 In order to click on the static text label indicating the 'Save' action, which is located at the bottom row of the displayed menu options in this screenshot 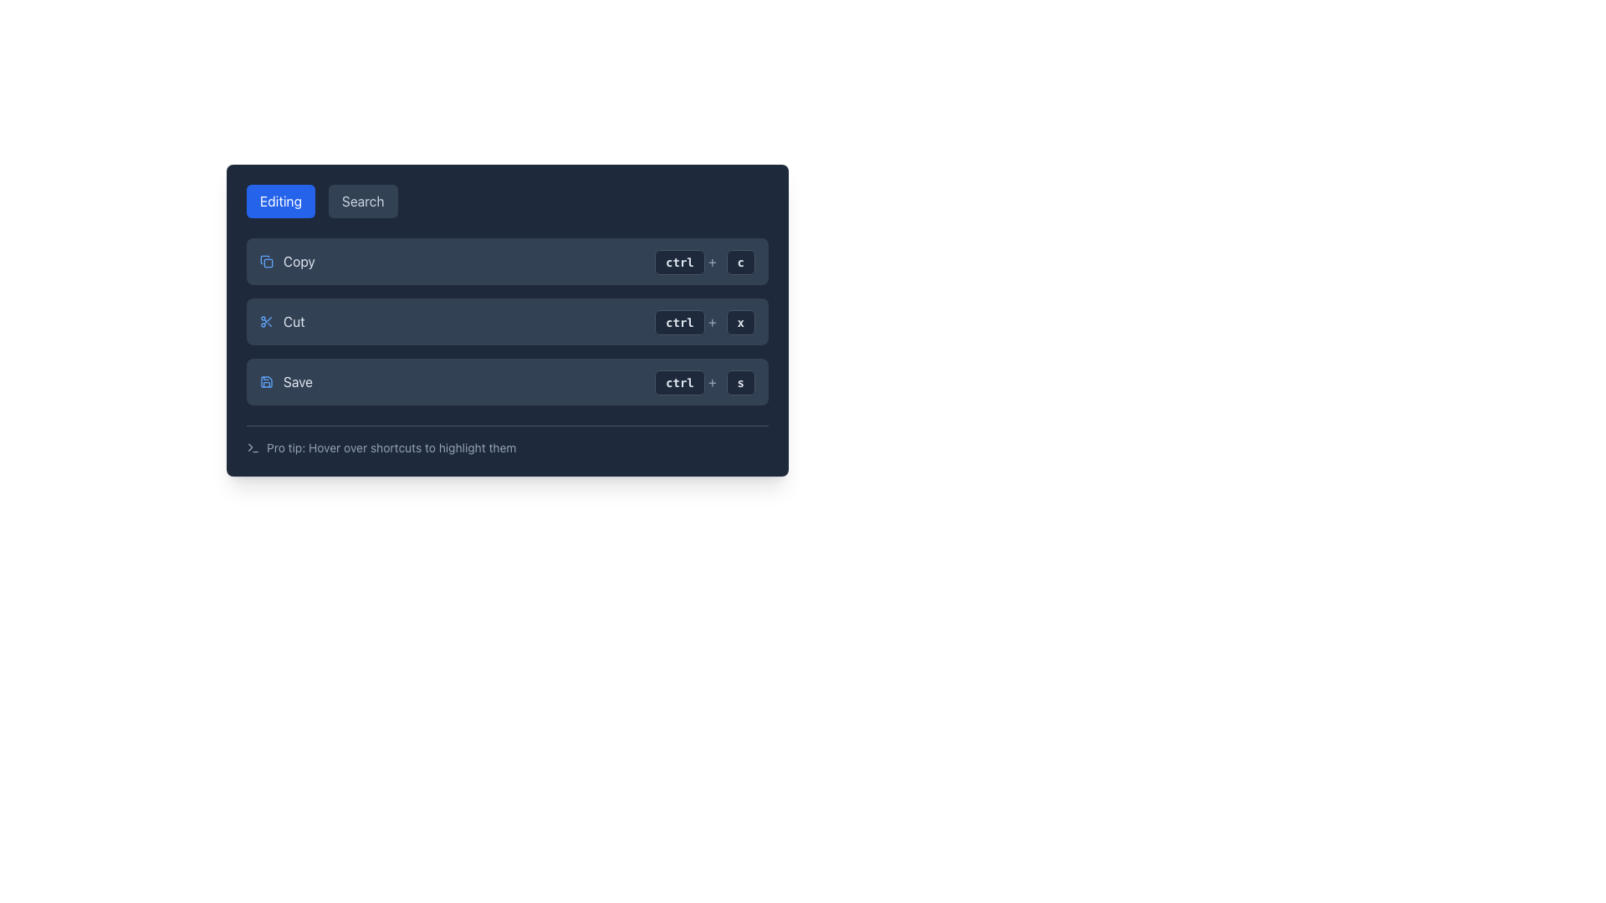, I will do `click(298, 381)`.